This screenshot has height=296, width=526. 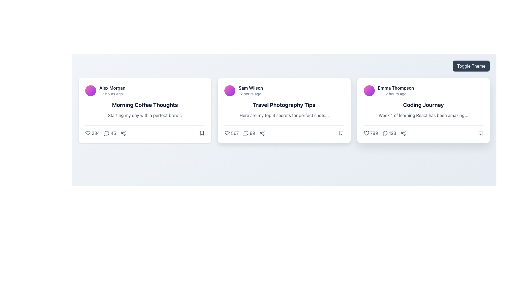 I want to click on the bold text element reading 'Travel Photography Tips' located in the second card of three, positioned below the author name and time, and above a descriptive text, so click(x=284, y=105).